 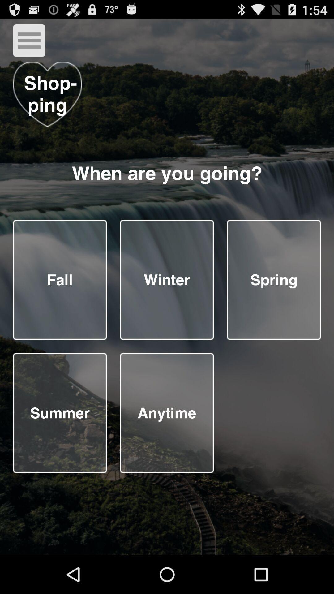 What do you see at coordinates (29, 40) in the screenshot?
I see `menu` at bounding box center [29, 40].